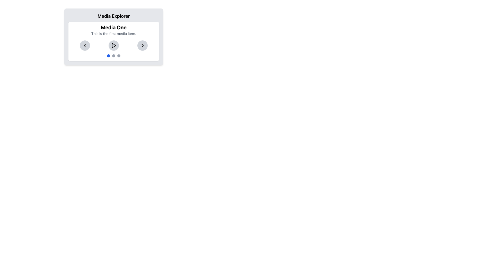  Describe the element at coordinates (142, 45) in the screenshot. I see `the circular button with a light gray background and darker gray border, which contains a black right-facing chevron icon, located in the rightmost position among the three buttons in the media player control section below 'Media Explorer' and 'Media One'` at that location.